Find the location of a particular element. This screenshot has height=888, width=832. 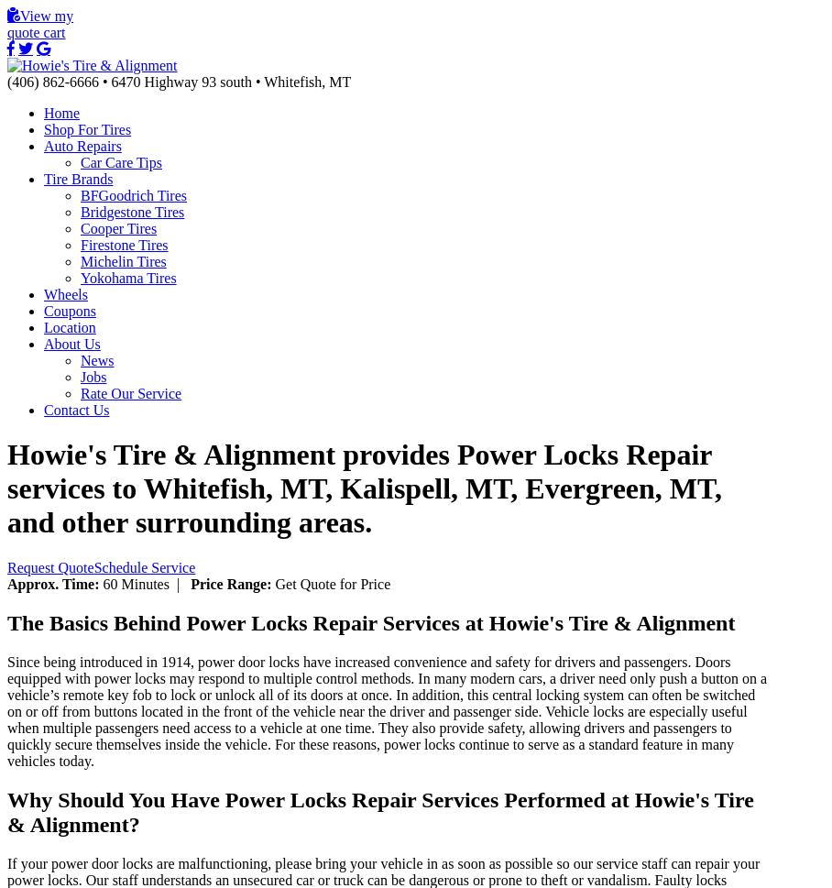

'Approx. Time:' is located at coordinates (5, 583).